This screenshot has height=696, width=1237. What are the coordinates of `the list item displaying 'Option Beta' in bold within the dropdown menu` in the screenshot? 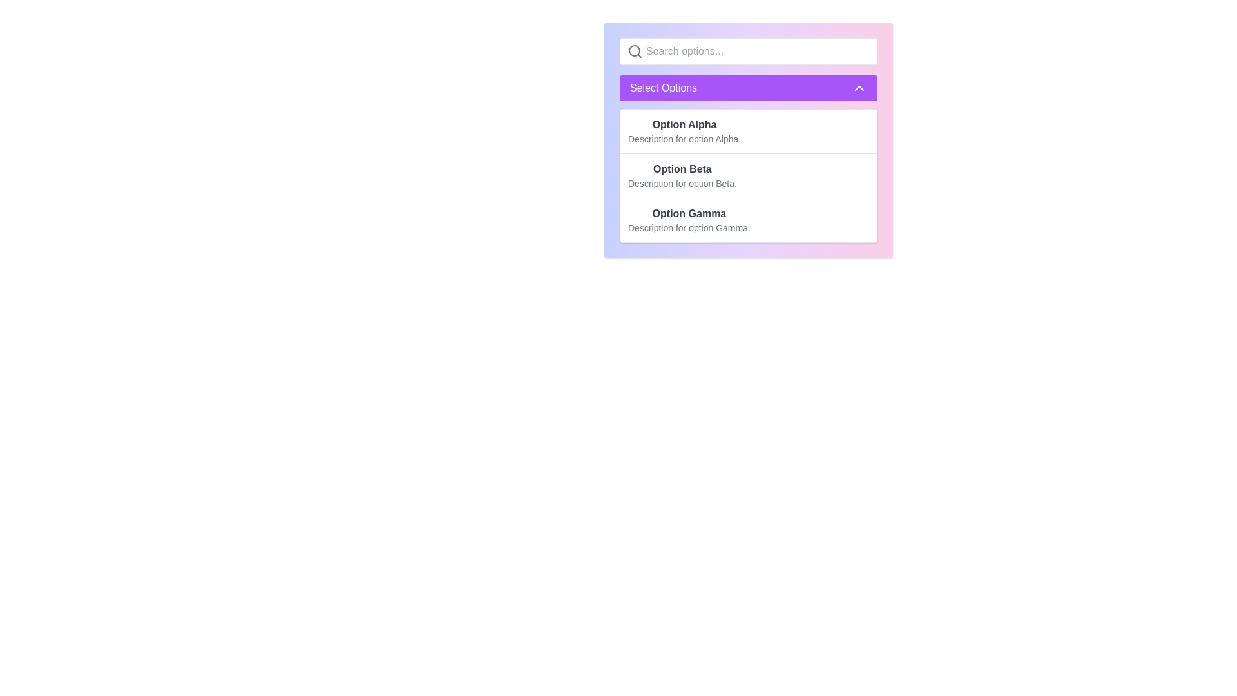 It's located at (748, 175).